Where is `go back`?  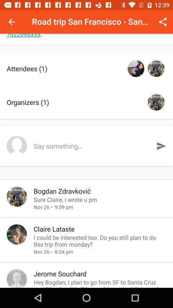
go back is located at coordinates (12, 22).